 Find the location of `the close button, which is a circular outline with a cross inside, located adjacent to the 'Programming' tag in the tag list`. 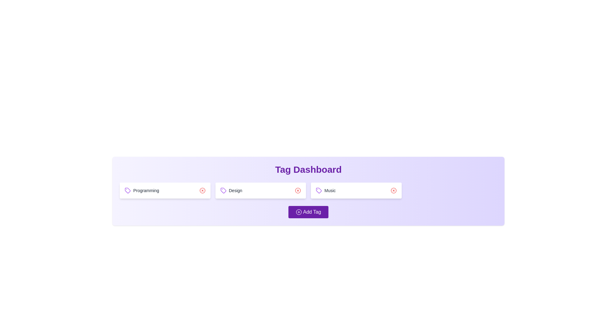

the close button, which is a circular outline with a cross inside, located adjacent to the 'Programming' tag in the tag list is located at coordinates (202, 190).